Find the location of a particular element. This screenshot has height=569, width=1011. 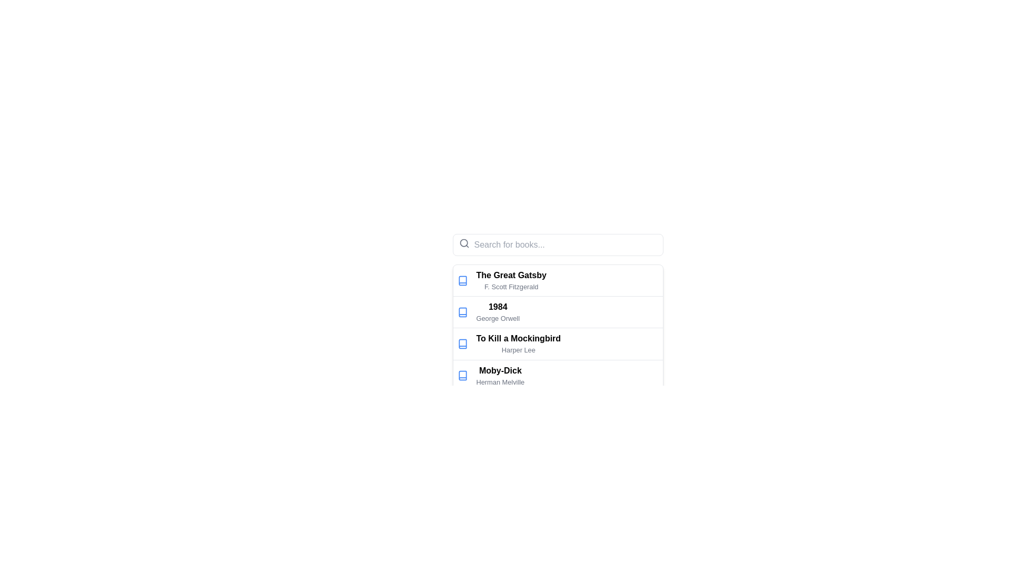

the blue book icon representing 'The Great Gatsby' by F. Scott Fitzgerald, which is the first element in the list is located at coordinates (462, 280).